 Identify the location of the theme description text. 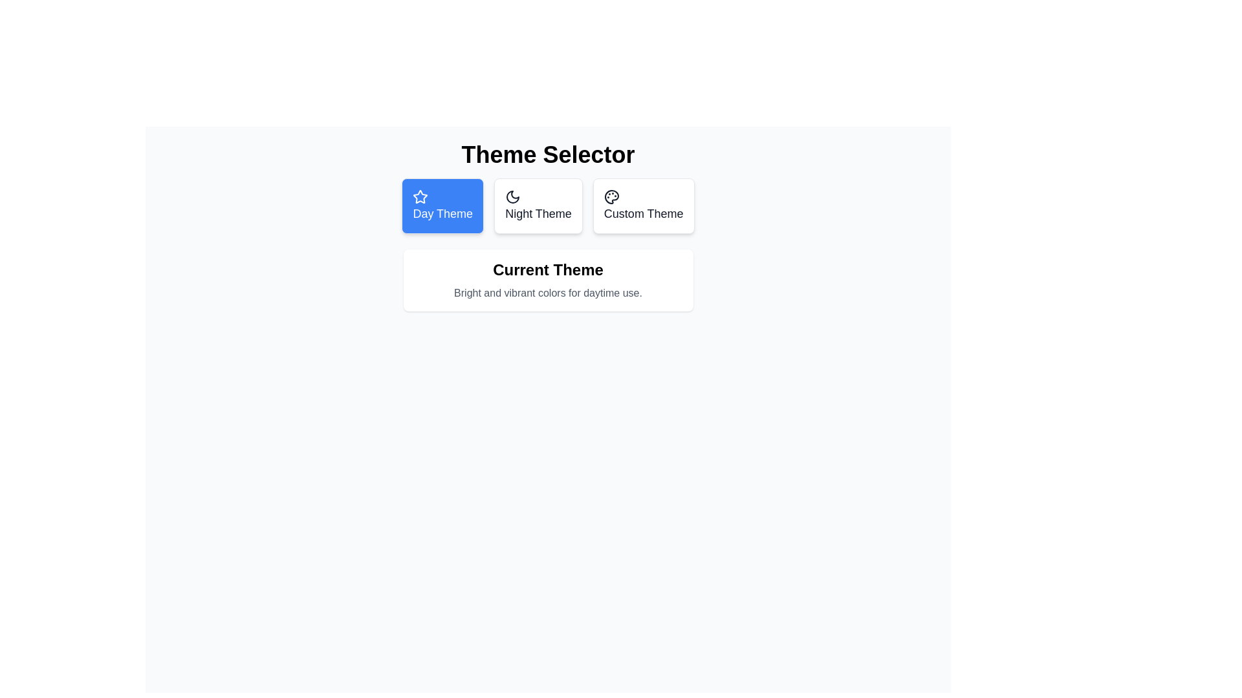
(548, 293).